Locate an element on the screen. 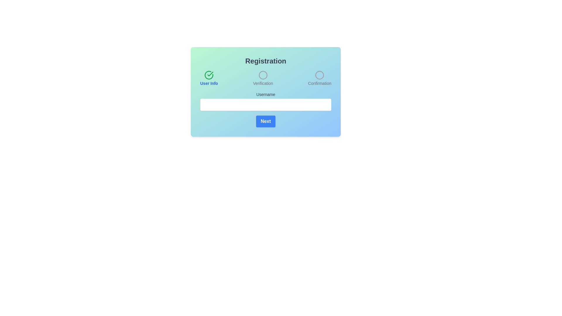 This screenshot has height=316, width=562. the icon indicating a successfully completed step in the 'User Info' section of the registration progress bar is located at coordinates (209, 75).